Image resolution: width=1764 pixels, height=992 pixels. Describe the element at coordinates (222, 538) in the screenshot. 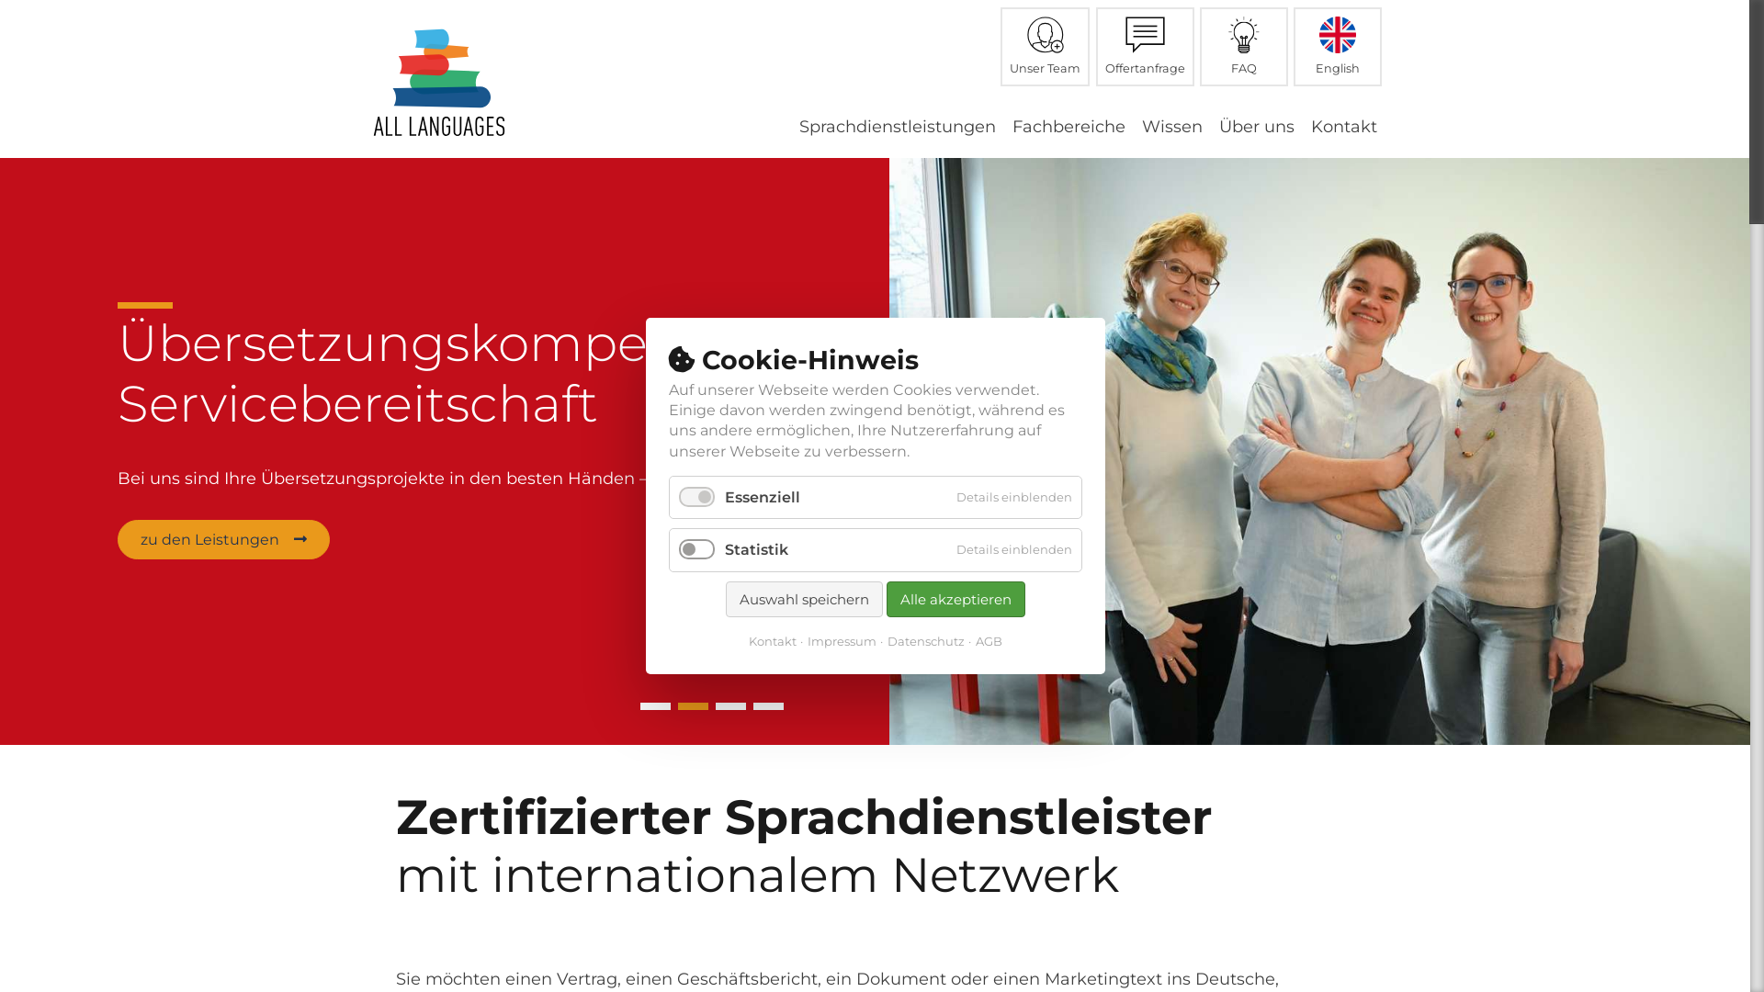

I see `'zu den Leistungen'` at that location.